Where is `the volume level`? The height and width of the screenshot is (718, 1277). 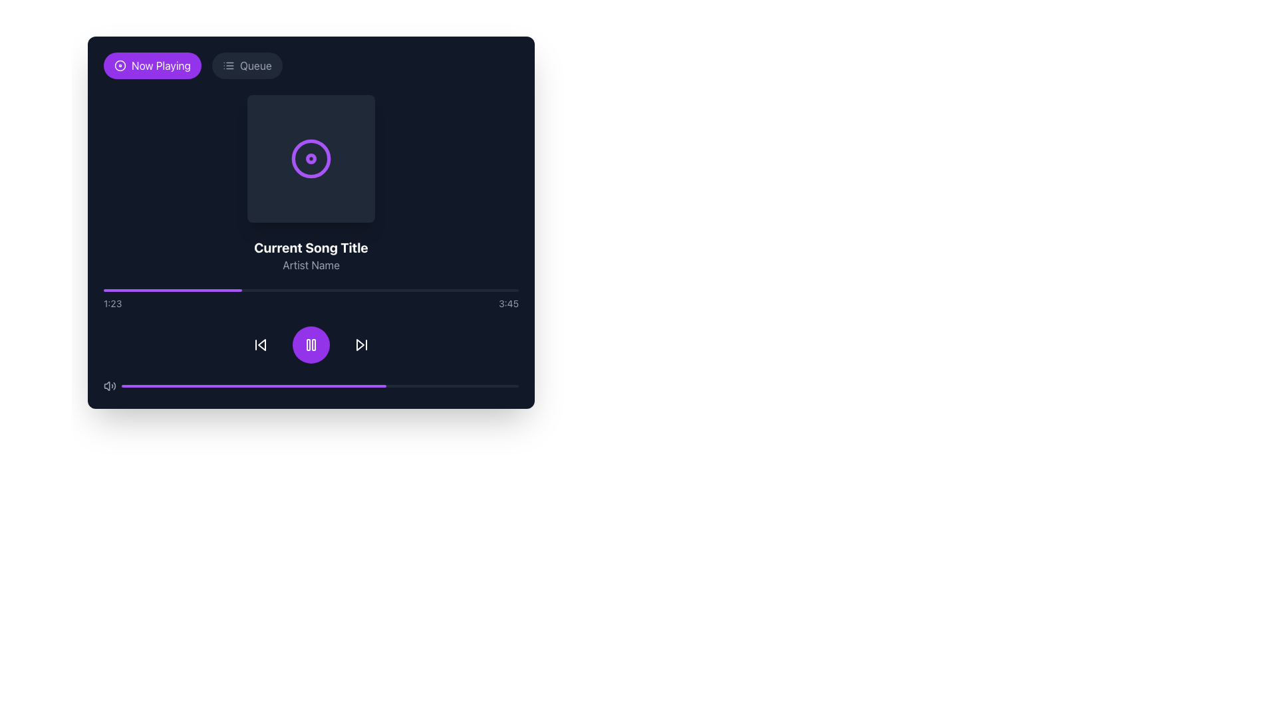
the volume level is located at coordinates (283, 386).